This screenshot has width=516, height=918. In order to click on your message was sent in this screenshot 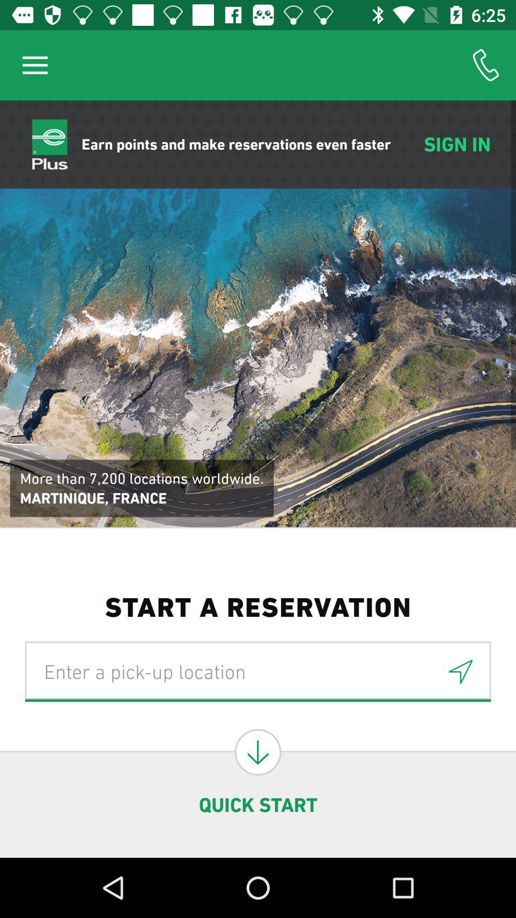, I will do `click(460, 671)`.